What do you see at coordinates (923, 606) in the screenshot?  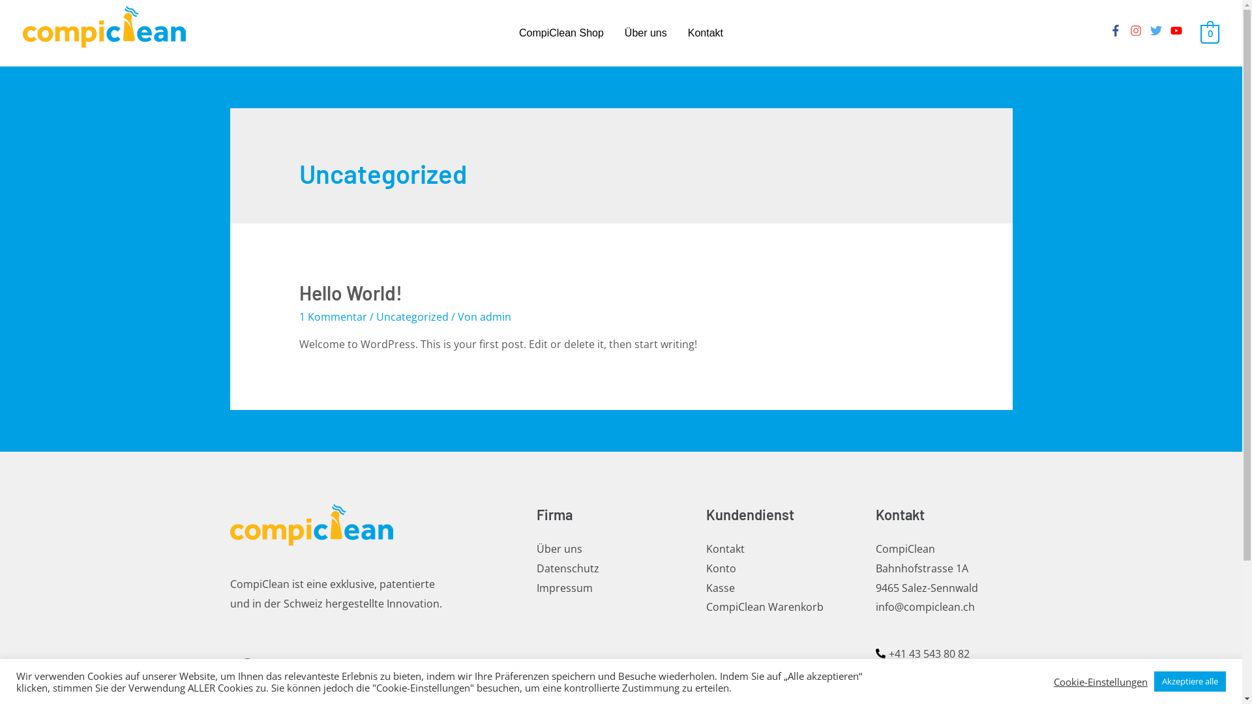 I see `'info@compiclean.ch'` at bounding box center [923, 606].